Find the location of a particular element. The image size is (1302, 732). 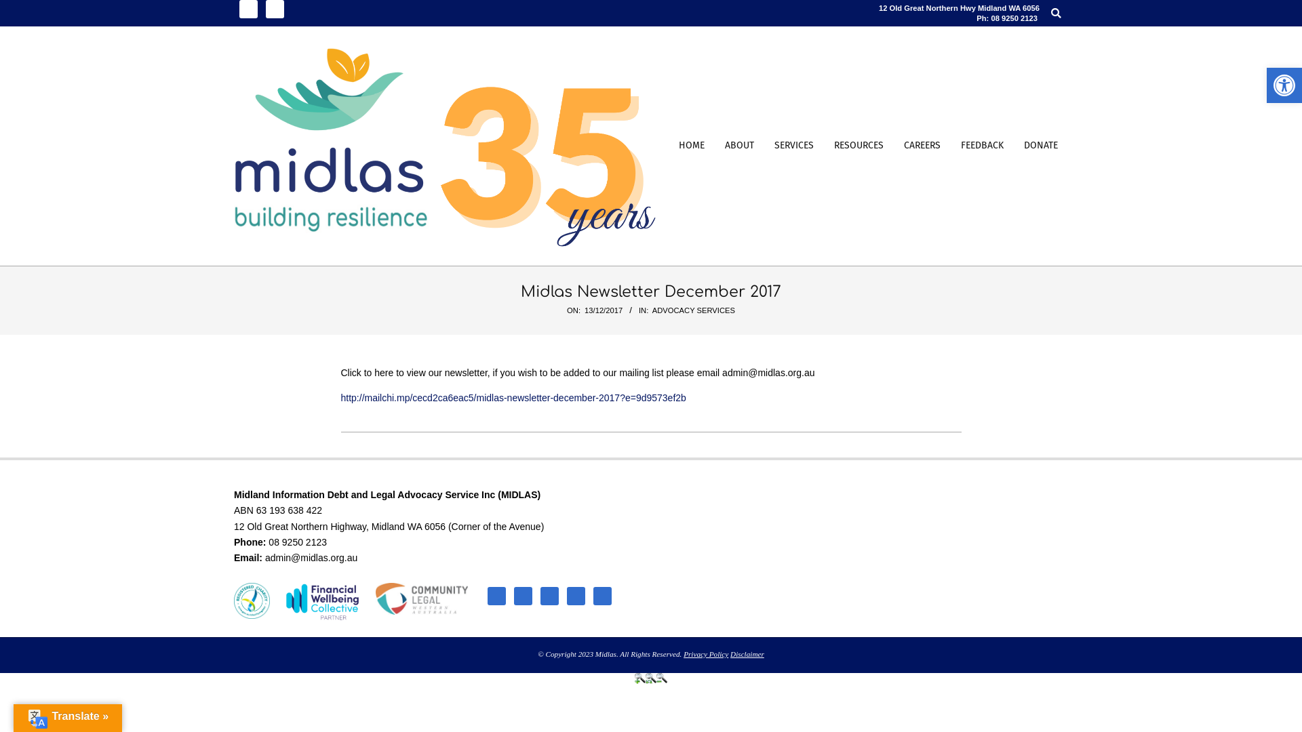

'Privacy Policy' is located at coordinates (684, 653).